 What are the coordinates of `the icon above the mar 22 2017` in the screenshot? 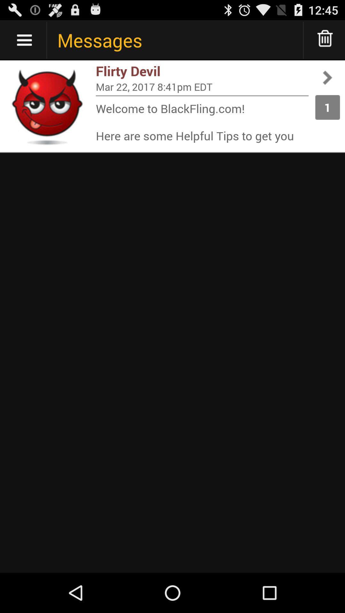 It's located at (202, 71).